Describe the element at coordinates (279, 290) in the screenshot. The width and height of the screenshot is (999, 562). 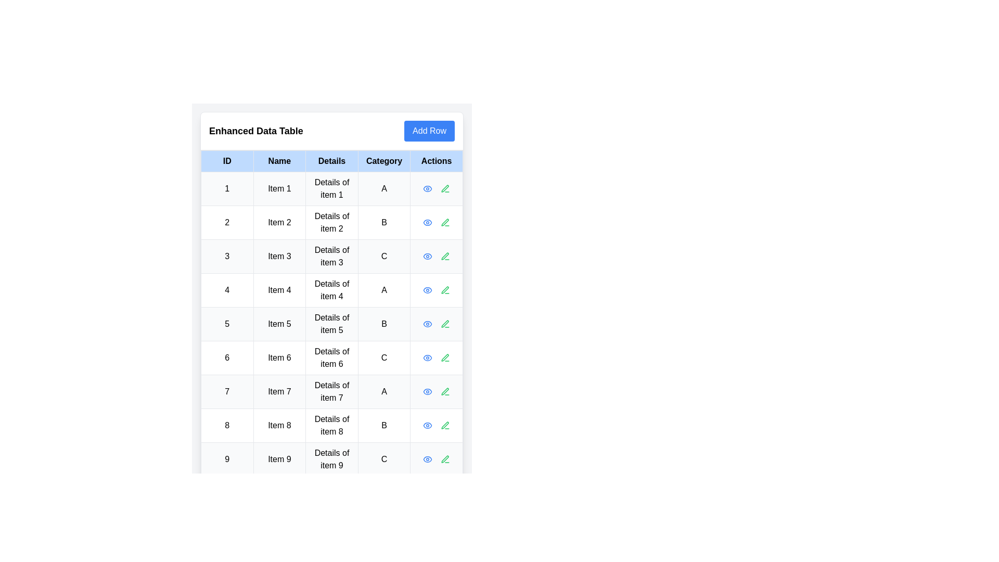
I see `the table cell containing the text 'Item 4', located in the fourth row under the 'Name' column of the table` at that location.